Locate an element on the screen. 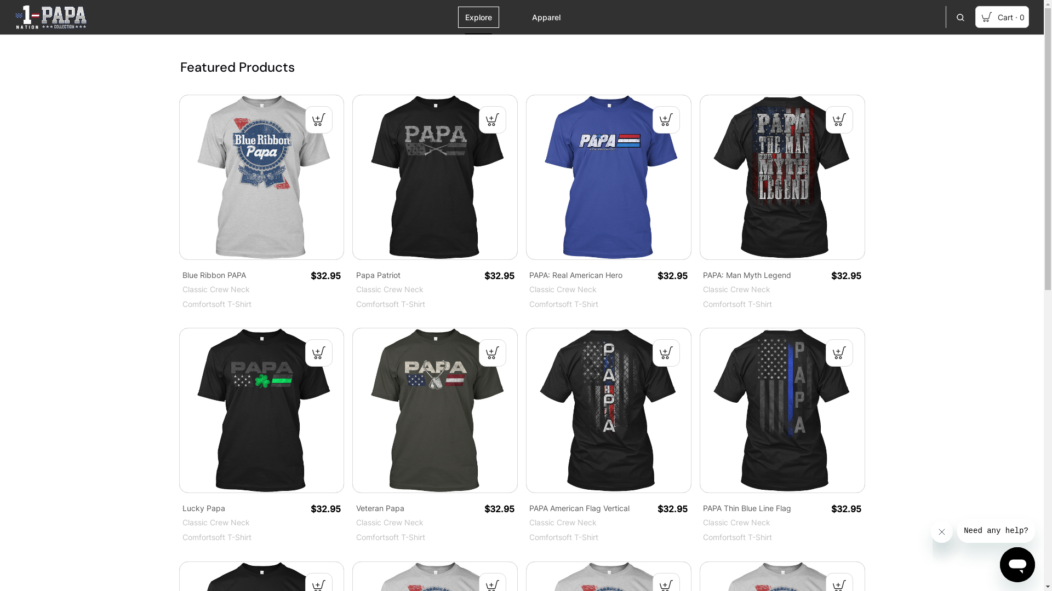 Image resolution: width=1052 pixels, height=591 pixels. 'Veteran Papa is located at coordinates (434, 436).